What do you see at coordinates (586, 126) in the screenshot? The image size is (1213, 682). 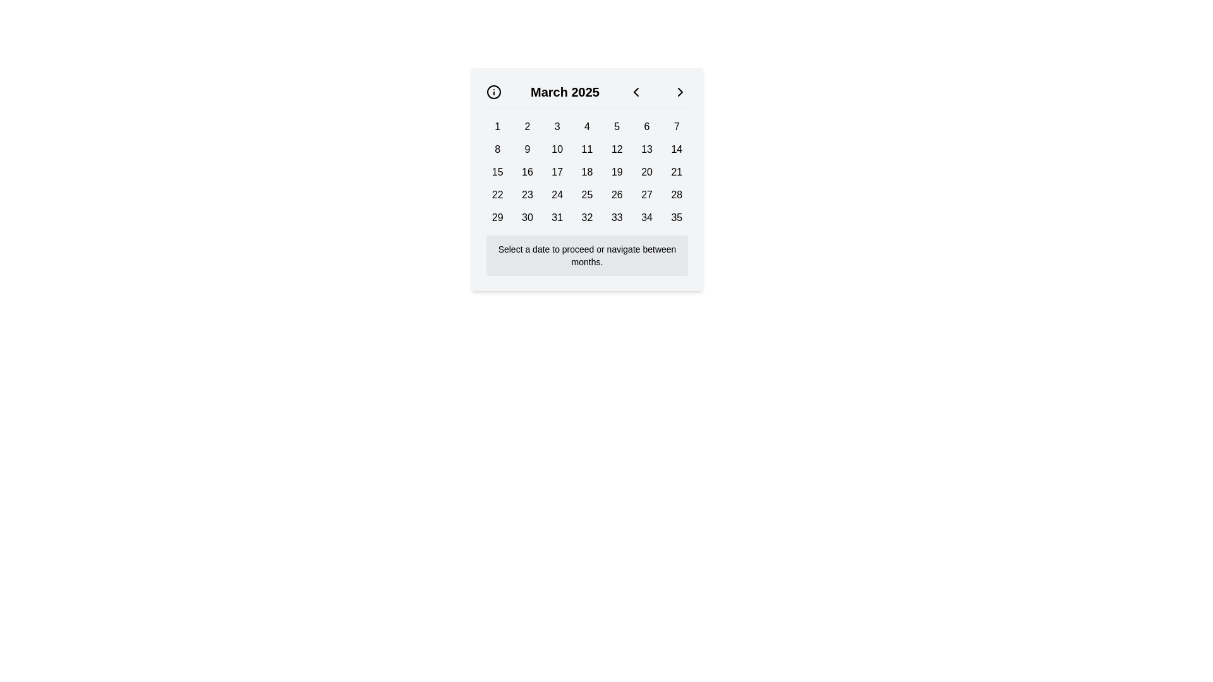 I see `the small rectangular button displaying the numeric character '4'` at bounding box center [586, 126].